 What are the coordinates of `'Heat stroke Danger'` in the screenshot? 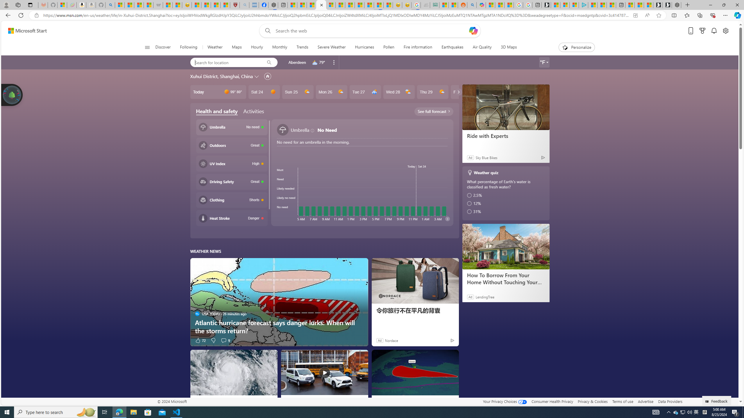 It's located at (231, 218).